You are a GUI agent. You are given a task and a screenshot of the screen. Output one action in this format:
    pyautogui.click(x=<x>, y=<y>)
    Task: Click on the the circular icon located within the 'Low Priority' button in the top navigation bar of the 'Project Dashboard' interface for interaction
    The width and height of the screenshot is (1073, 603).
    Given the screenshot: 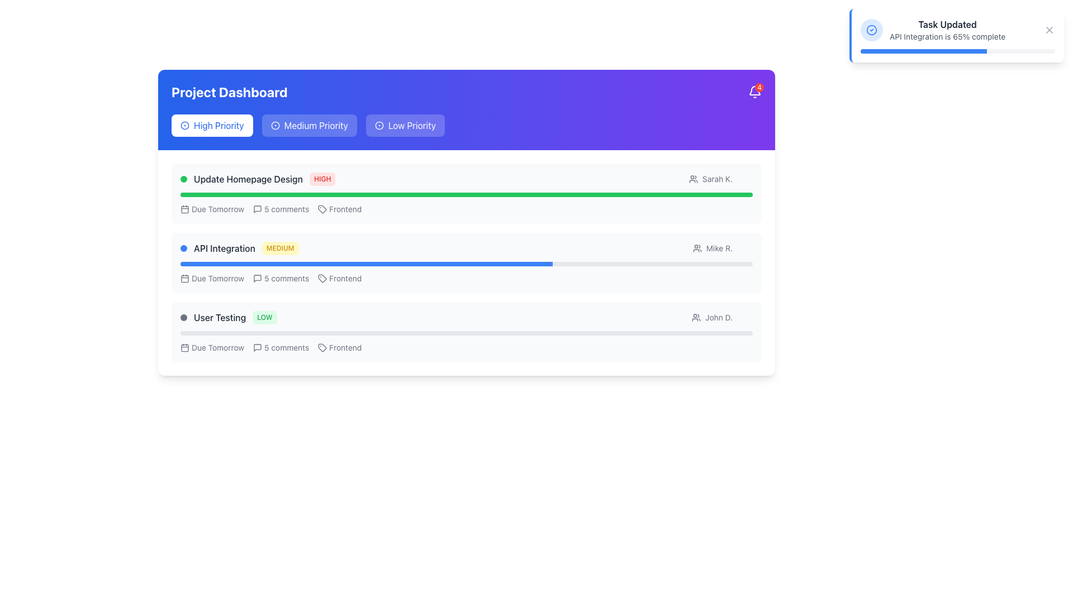 What is the action you would take?
    pyautogui.click(x=379, y=125)
    